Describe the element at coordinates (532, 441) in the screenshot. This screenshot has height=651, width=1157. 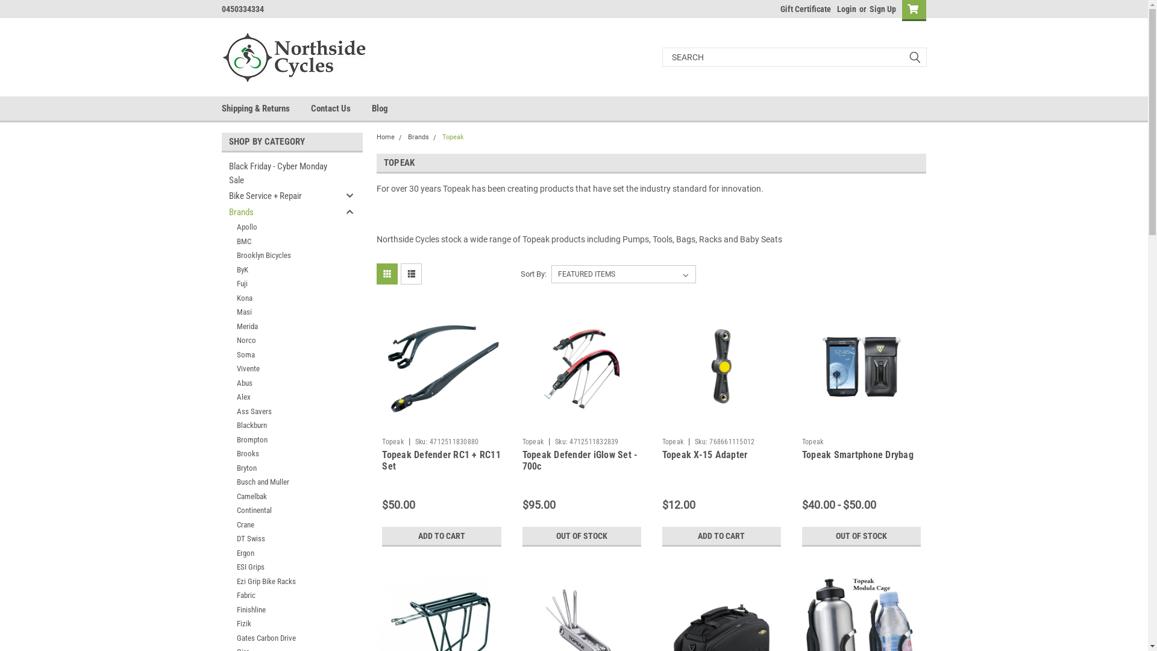
I see `'Topeak'` at that location.